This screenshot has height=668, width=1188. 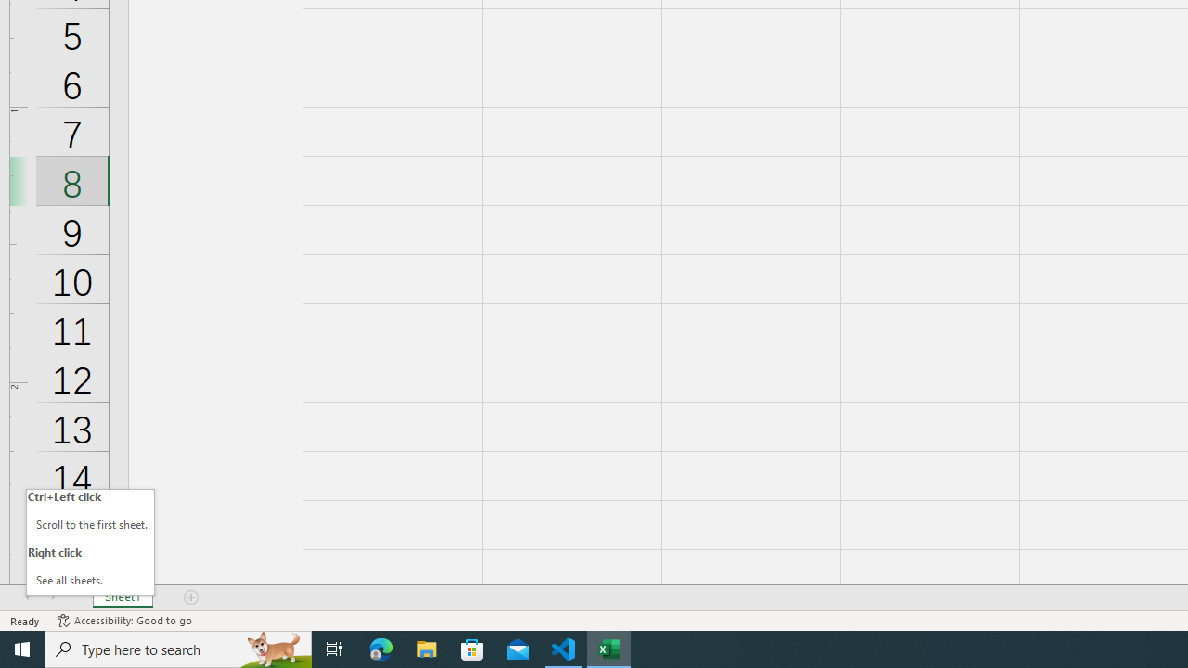 What do you see at coordinates (122, 597) in the screenshot?
I see `'Sheet Tab'` at bounding box center [122, 597].